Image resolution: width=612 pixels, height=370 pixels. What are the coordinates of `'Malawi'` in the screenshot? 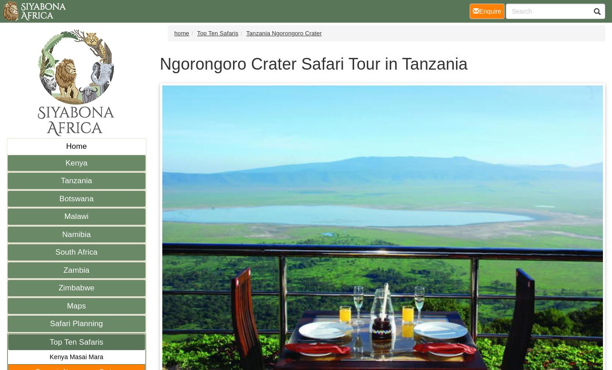 It's located at (76, 216).